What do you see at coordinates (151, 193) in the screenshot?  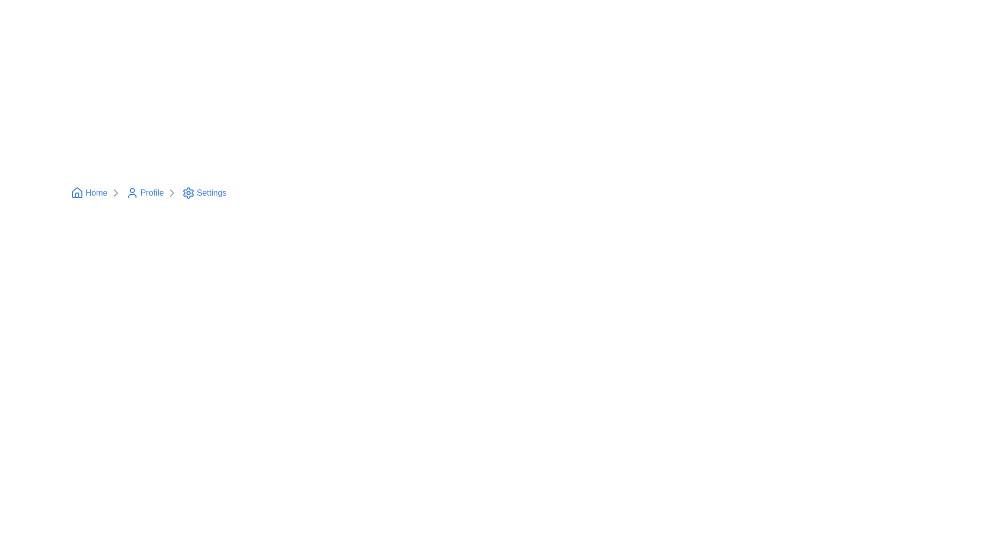 I see `the 'Profile' text label in the breadcrumb navigation` at bounding box center [151, 193].